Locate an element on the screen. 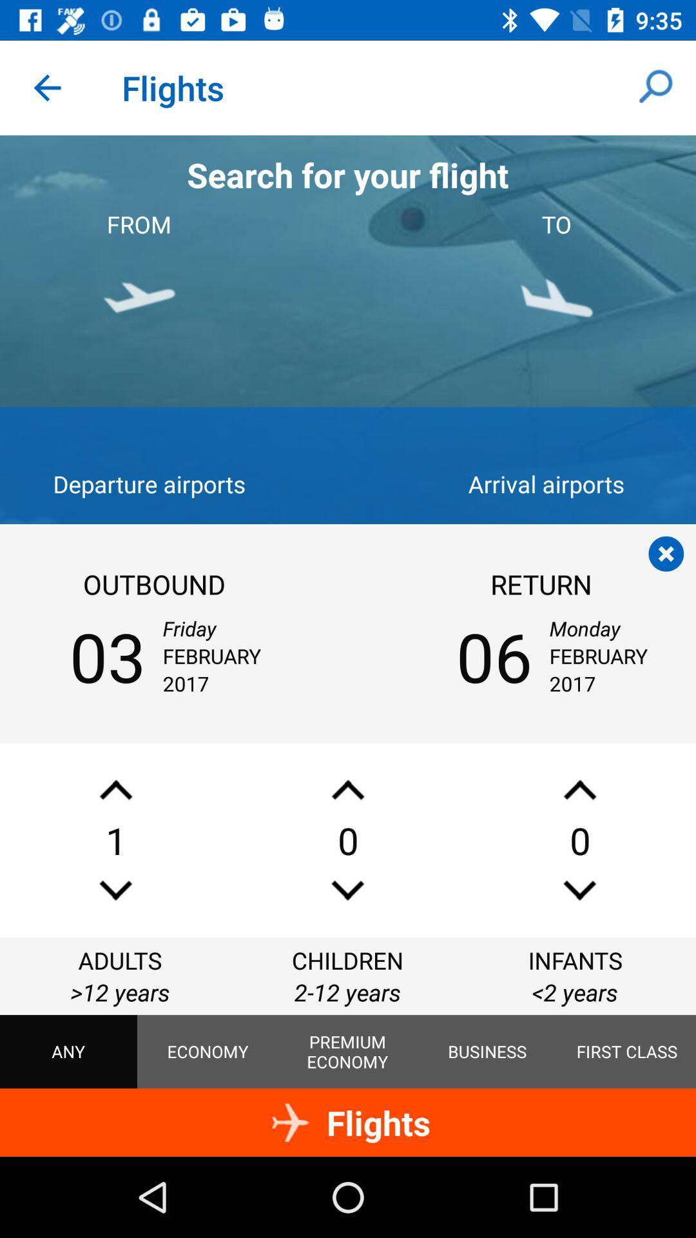  item to the left of first class is located at coordinates (487, 1052).